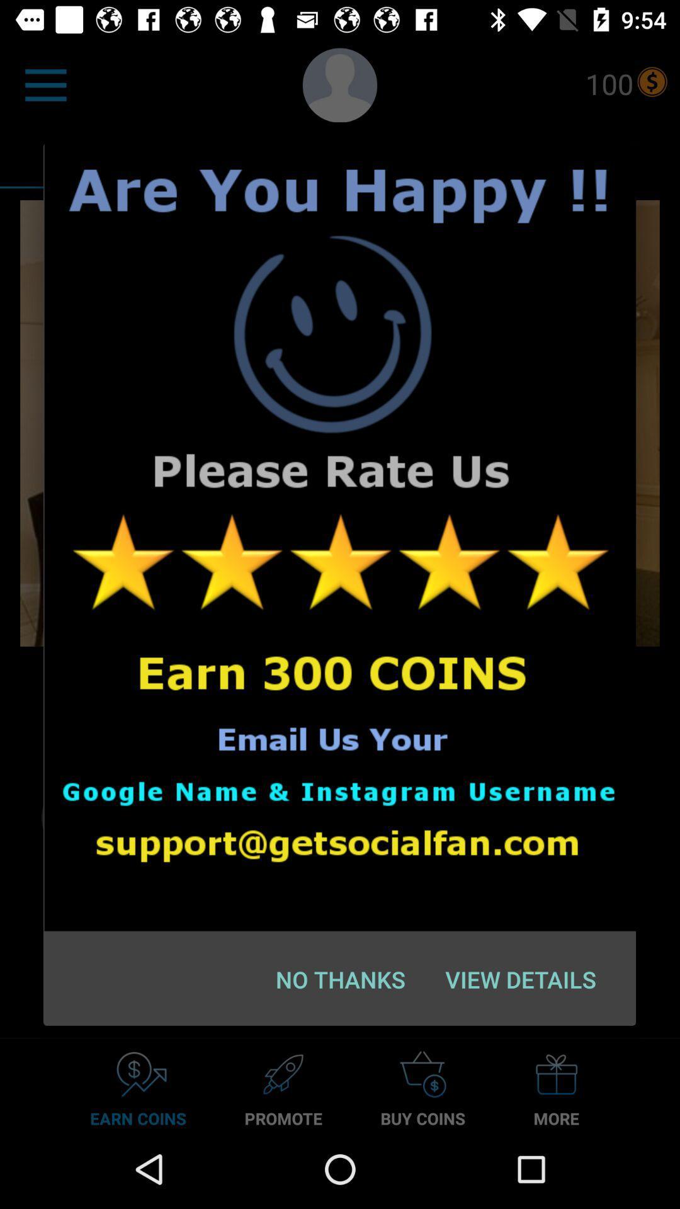 This screenshot has width=680, height=1209. What do you see at coordinates (341, 979) in the screenshot?
I see `the no thanks` at bounding box center [341, 979].